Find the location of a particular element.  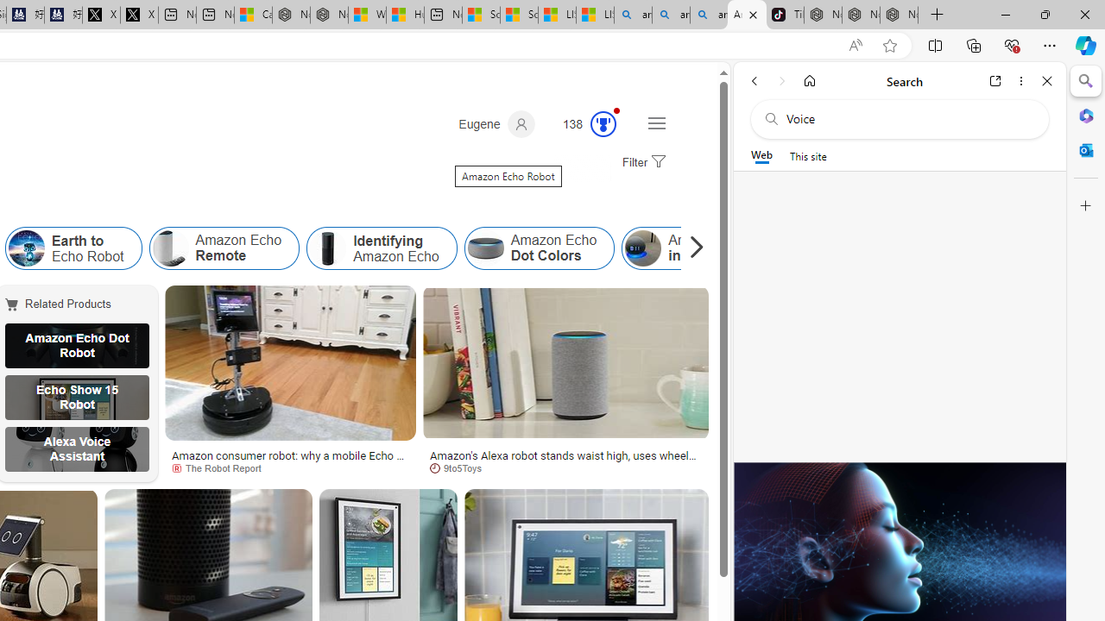

'Alexa Voice Assistant Robot' is located at coordinates (76, 448).